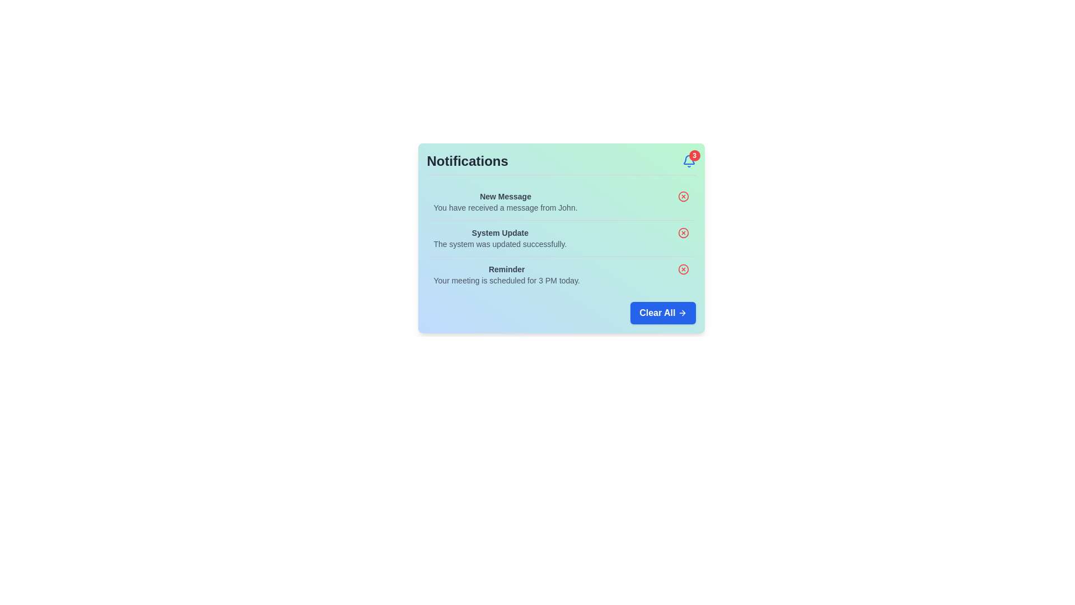  Describe the element at coordinates (683, 232) in the screenshot. I see `the red circular 'X' button in the 'System Update' notification row to visualize its hover state` at that location.